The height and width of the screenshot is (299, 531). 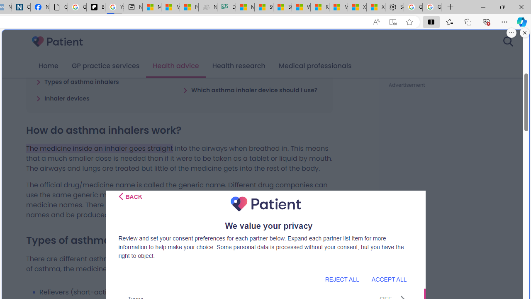 I want to click on 'Back', so click(x=130, y=196).